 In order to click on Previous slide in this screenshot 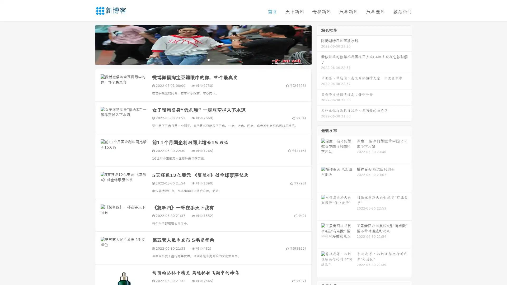, I will do `click(87, 44)`.